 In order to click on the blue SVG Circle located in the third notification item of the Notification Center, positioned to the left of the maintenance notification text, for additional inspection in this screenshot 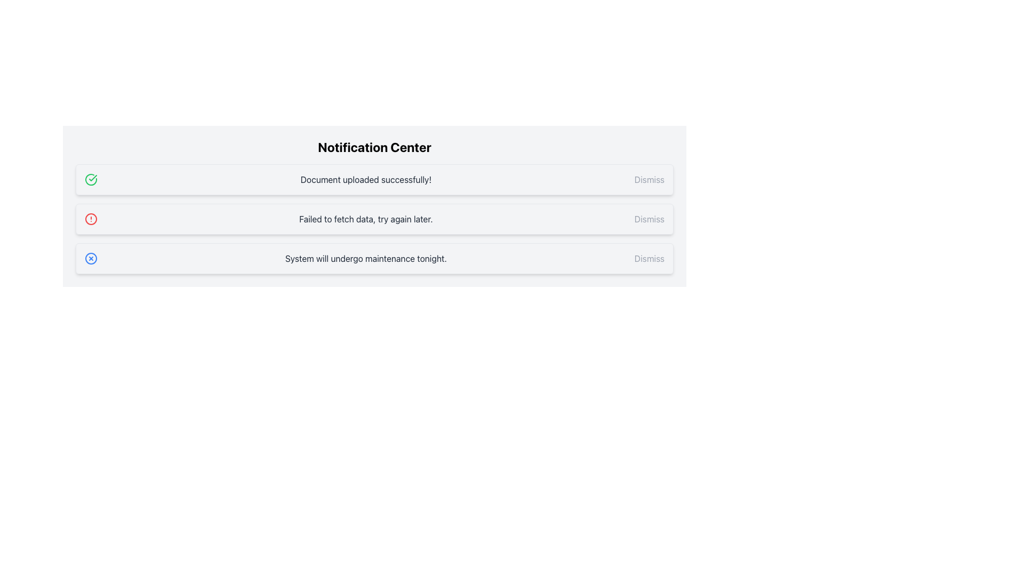, I will do `click(91, 259)`.